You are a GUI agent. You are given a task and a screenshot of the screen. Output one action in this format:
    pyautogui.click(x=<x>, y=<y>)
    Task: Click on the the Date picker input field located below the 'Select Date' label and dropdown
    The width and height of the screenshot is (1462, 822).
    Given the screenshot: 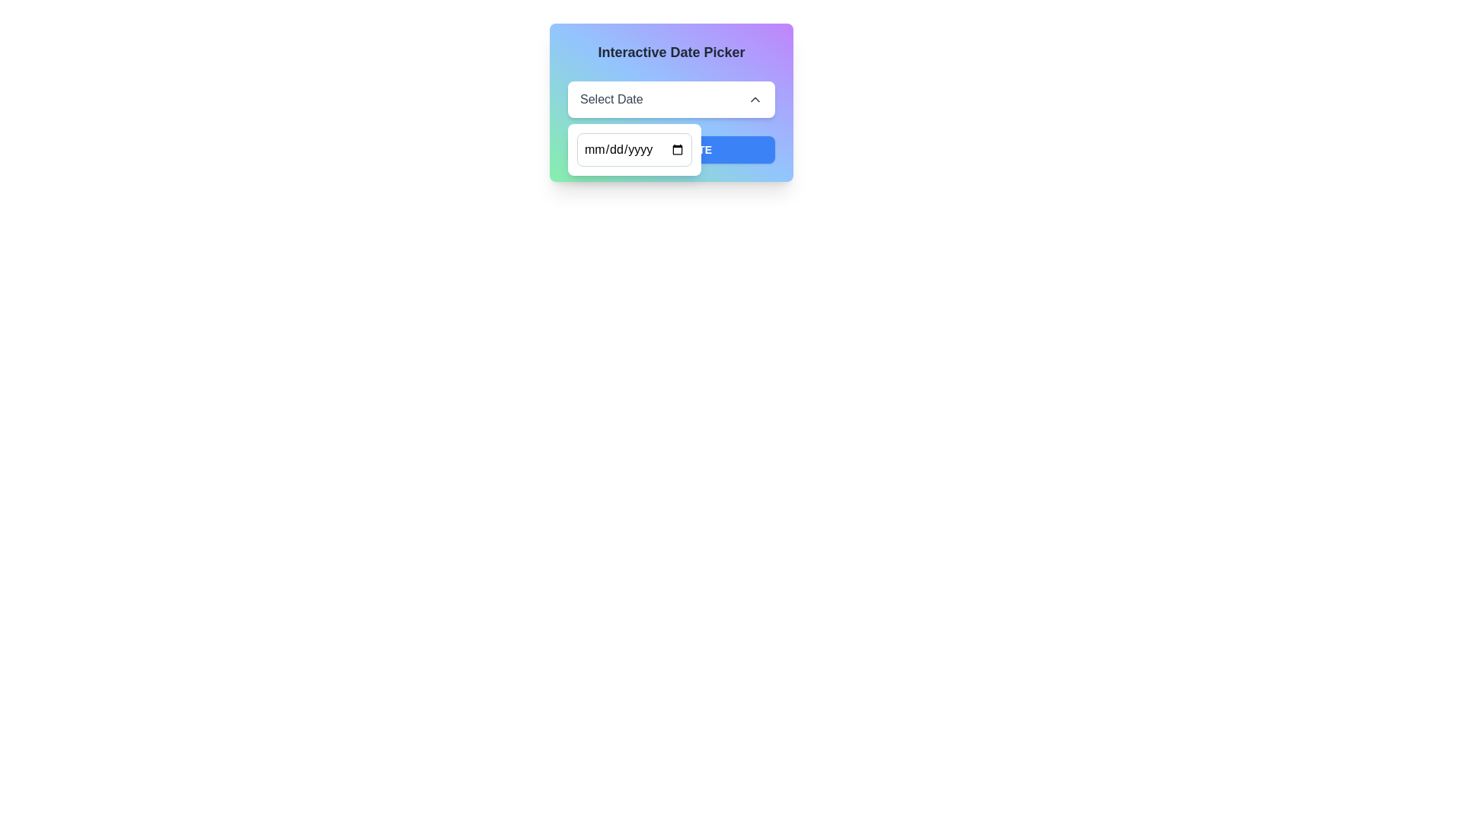 What is the action you would take?
    pyautogui.click(x=634, y=149)
    